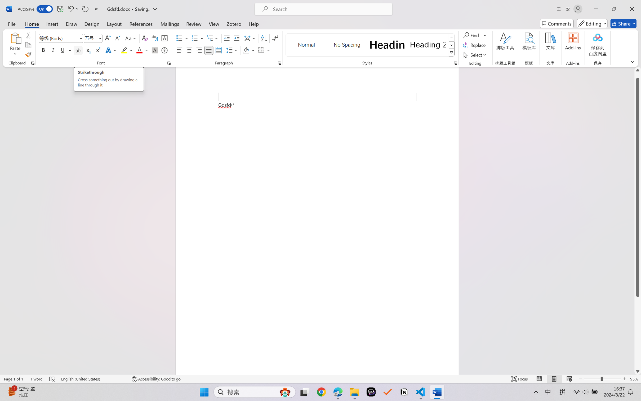 The height and width of the screenshot is (401, 641). I want to click on 'Line up', so click(638, 70).